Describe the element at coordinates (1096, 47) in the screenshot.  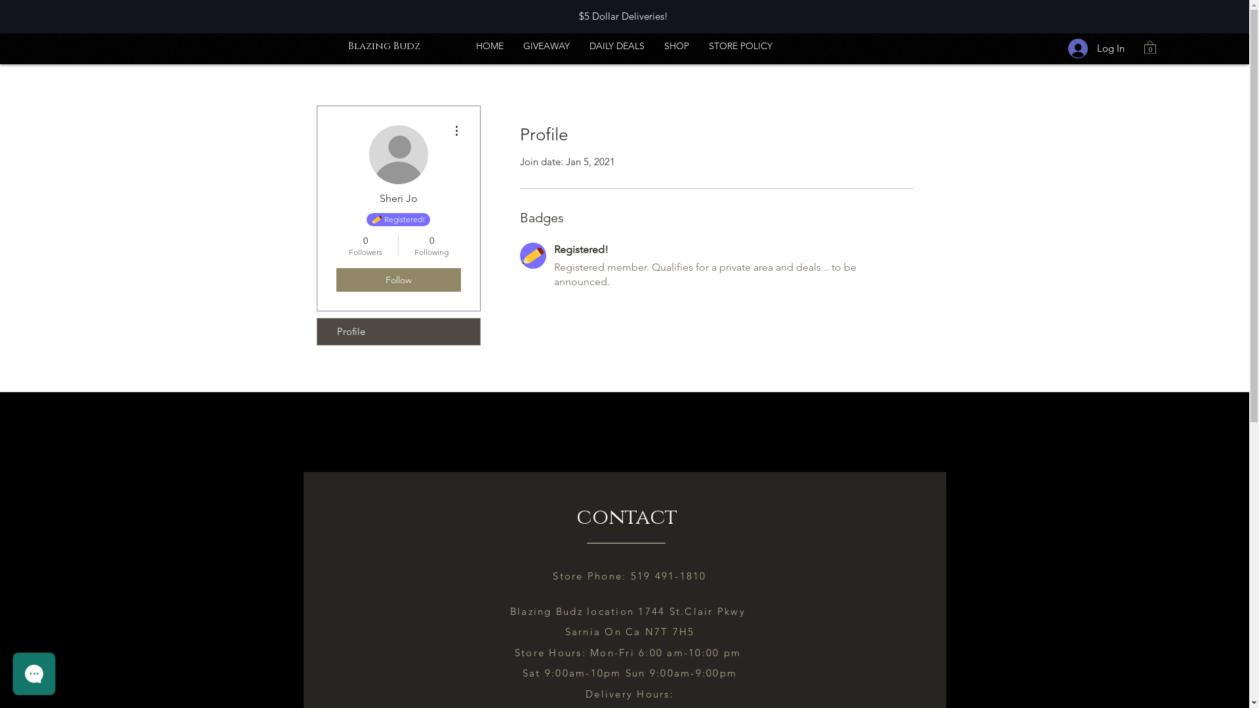
I see `'Log In'` at that location.